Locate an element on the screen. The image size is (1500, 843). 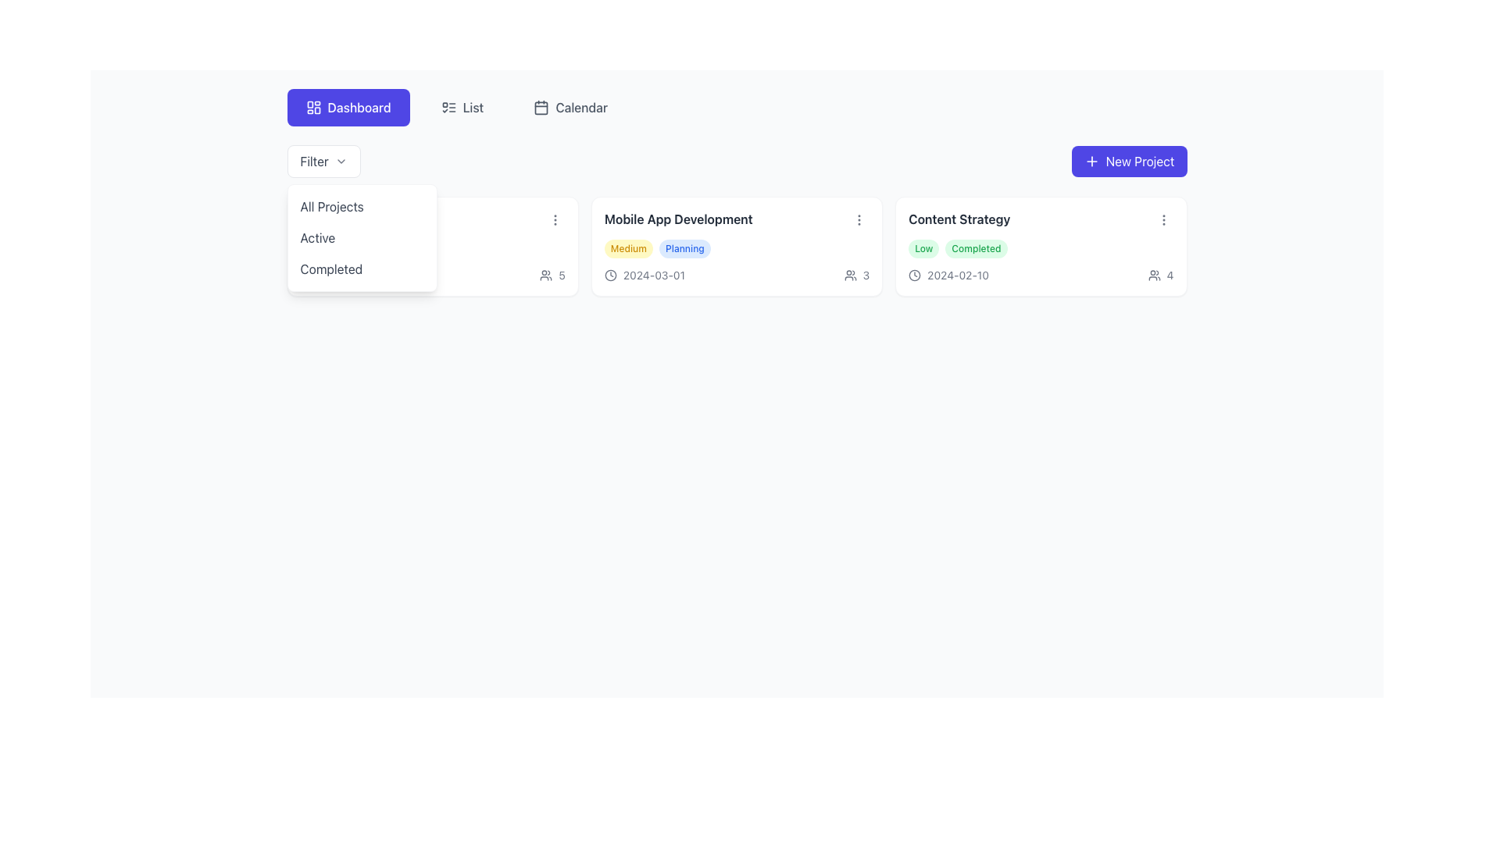
the 'Dashboard' button is located at coordinates (348, 107).